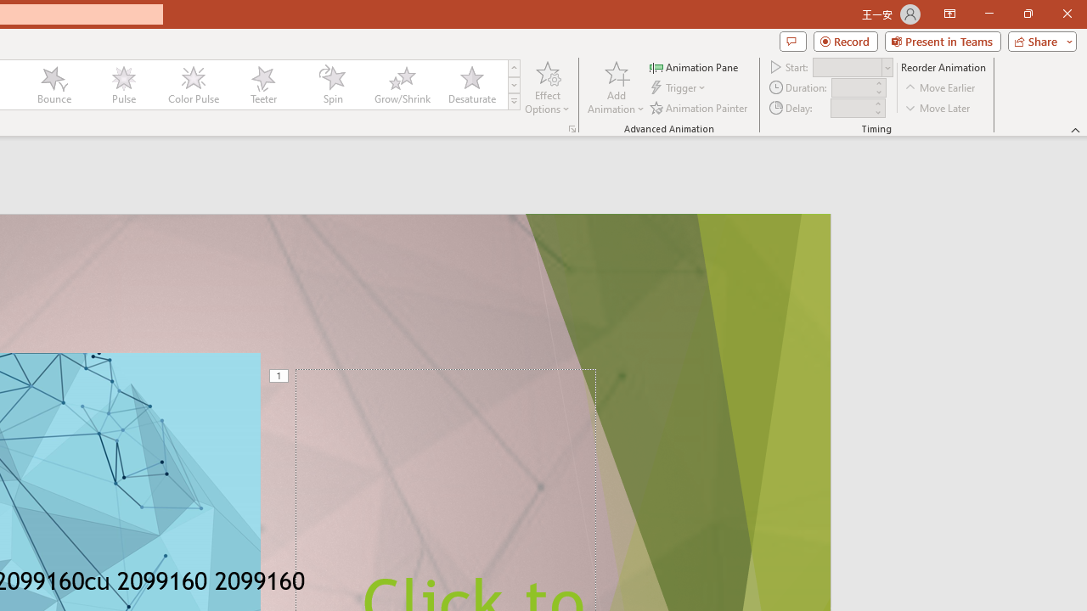  Describe the element at coordinates (679, 87) in the screenshot. I see `'Trigger'` at that location.